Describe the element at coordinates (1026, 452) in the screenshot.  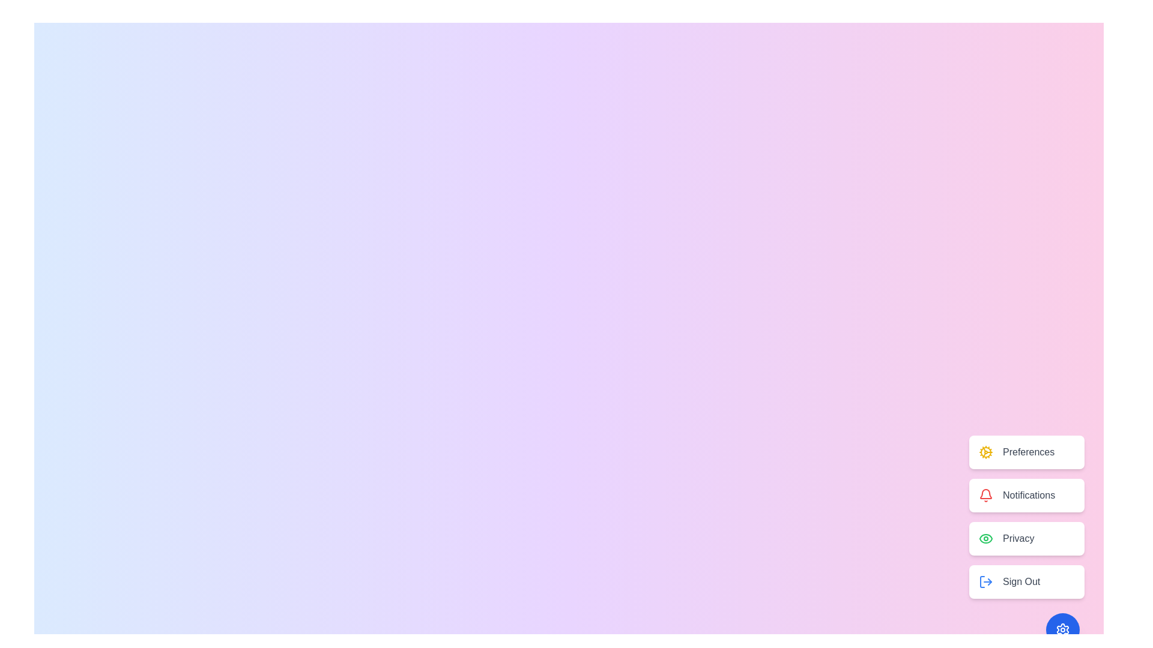
I see `the Preferences button to select the Preferences option` at that location.